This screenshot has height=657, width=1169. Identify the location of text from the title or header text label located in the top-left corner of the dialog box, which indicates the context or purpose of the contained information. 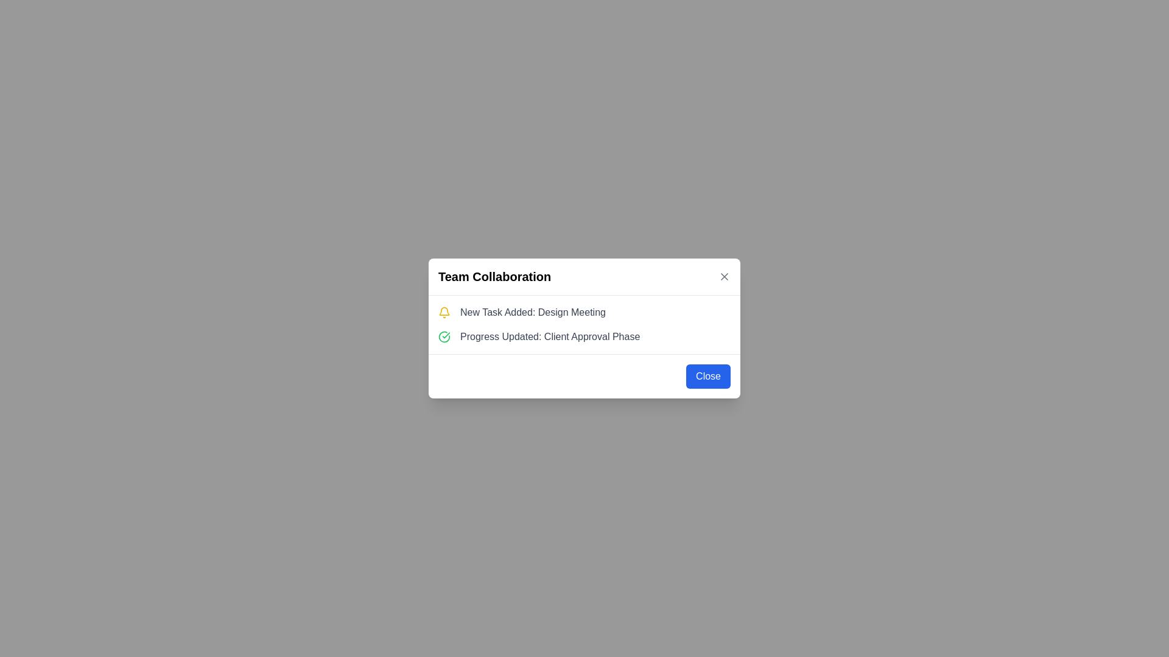
(494, 277).